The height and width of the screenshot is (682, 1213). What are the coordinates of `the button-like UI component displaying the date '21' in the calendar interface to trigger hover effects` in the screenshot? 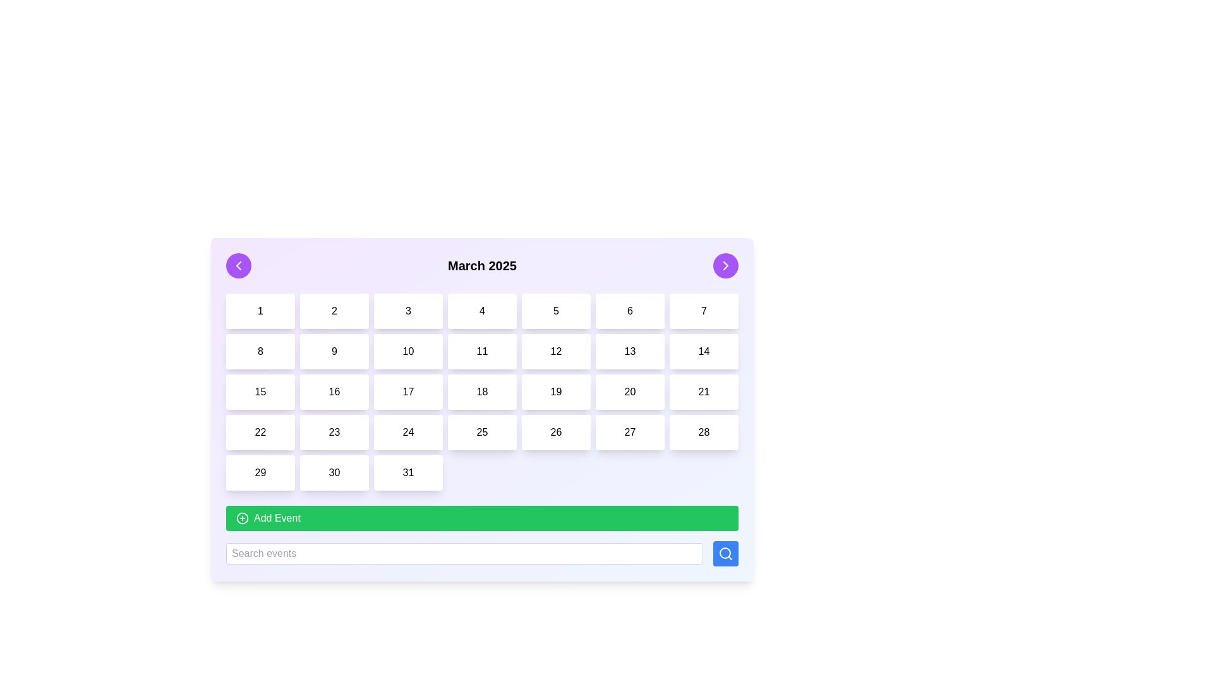 It's located at (703, 392).